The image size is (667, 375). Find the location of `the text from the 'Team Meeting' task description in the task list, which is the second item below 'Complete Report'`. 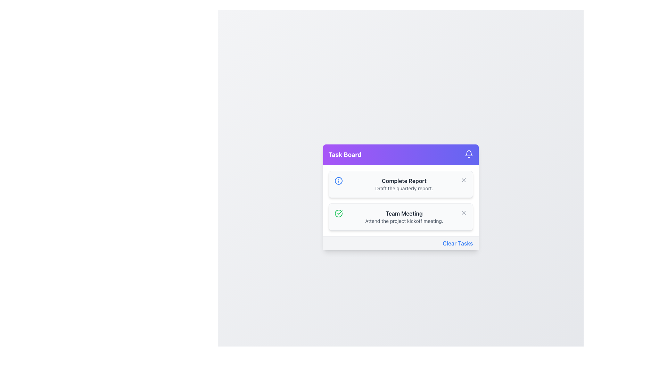

the text from the 'Team Meeting' task description in the task list, which is the second item below 'Complete Report' is located at coordinates (404, 216).